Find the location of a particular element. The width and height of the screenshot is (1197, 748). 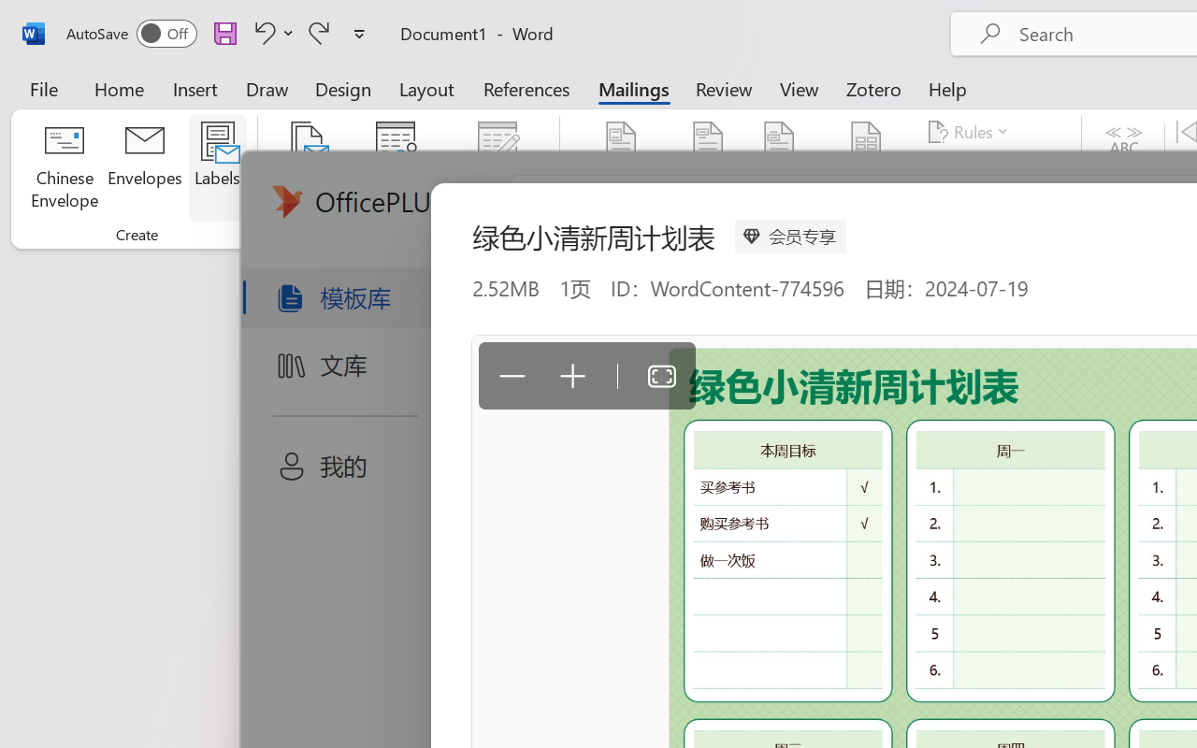

'Envelopes...' is located at coordinates (144, 167).